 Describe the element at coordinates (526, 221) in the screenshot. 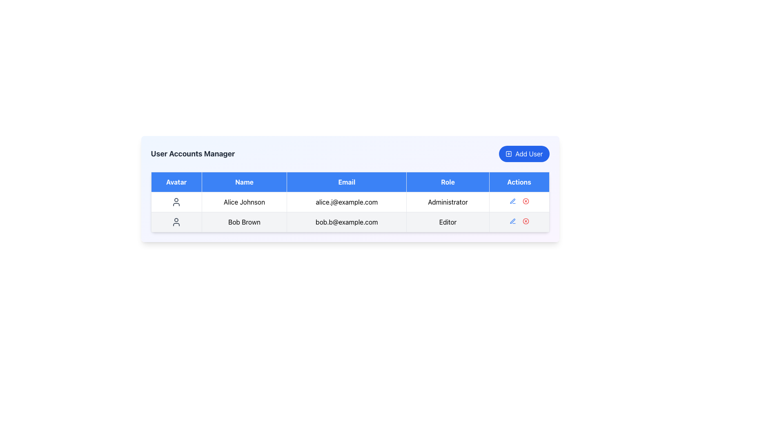

I see `the circular vector graphic icon in the 'Actions' column of the second row associated with user 'Bob Brown'` at that location.